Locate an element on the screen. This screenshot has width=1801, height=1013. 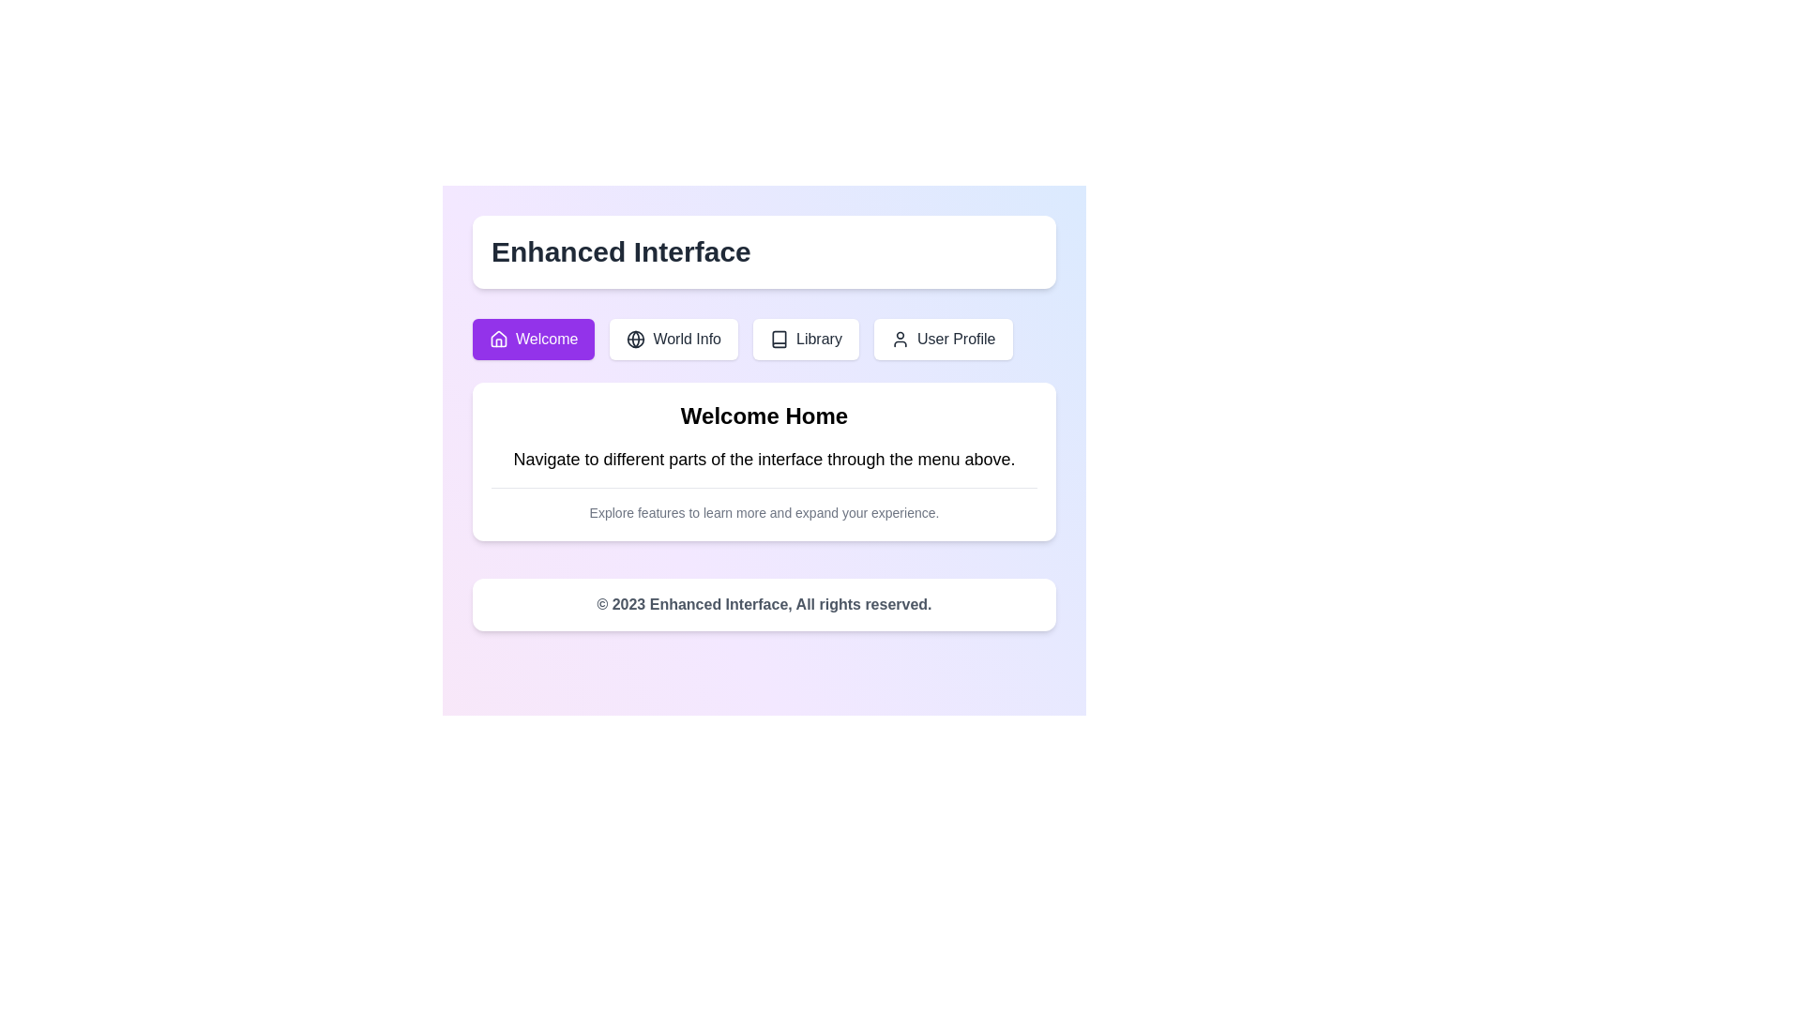
the user profile button, which is the fourth item in the horizontal navigation bar displaying a profile icon and 'User Profile' text is located at coordinates (943, 339).